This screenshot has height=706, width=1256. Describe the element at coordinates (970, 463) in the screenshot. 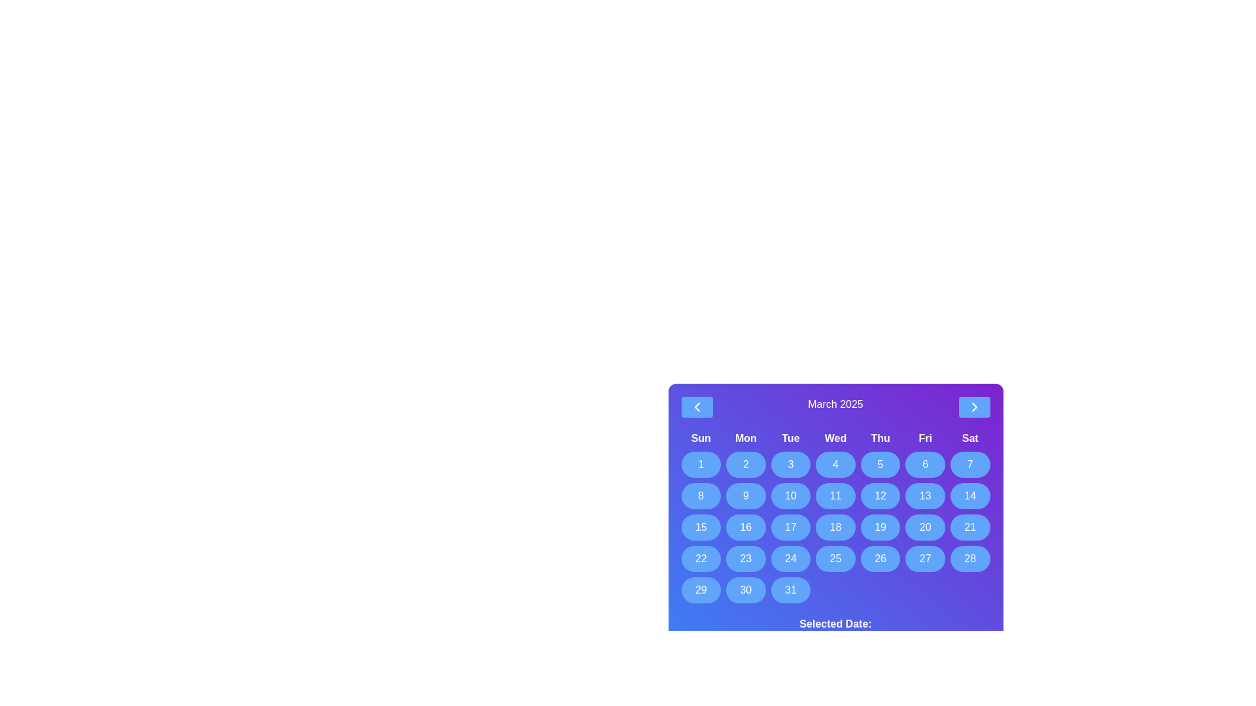

I see `the blue rounded rectangular button labeled '7'` at that location.